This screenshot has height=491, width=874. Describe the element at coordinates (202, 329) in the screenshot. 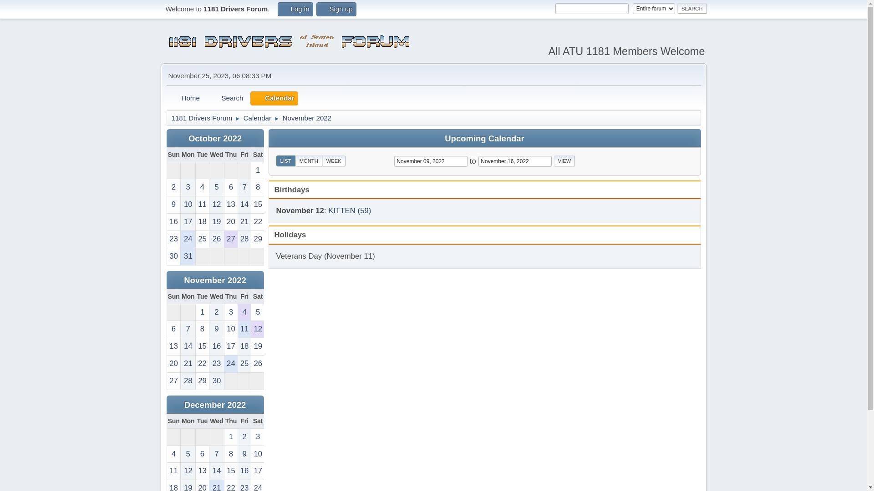

I see `'8'` at that location.